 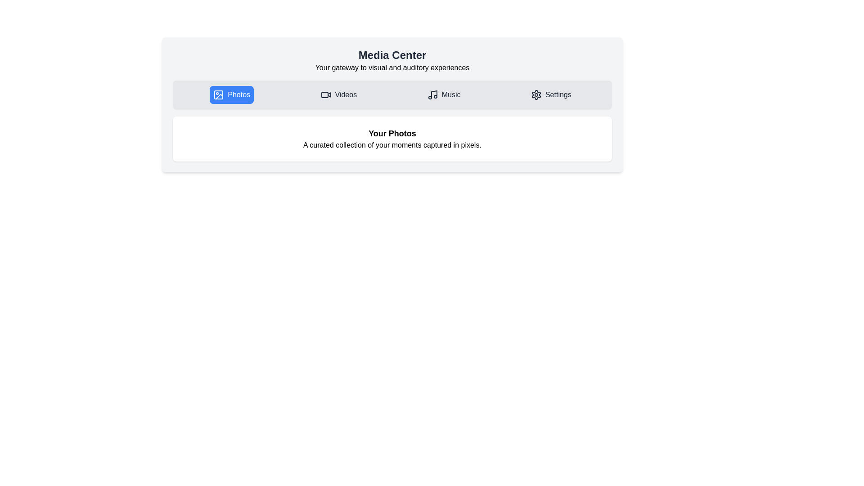 I want to click on the settings icon, which is a minimalistic hollow cogwheel located in the top right corner of the menu bar, so click(x=536, y=95).